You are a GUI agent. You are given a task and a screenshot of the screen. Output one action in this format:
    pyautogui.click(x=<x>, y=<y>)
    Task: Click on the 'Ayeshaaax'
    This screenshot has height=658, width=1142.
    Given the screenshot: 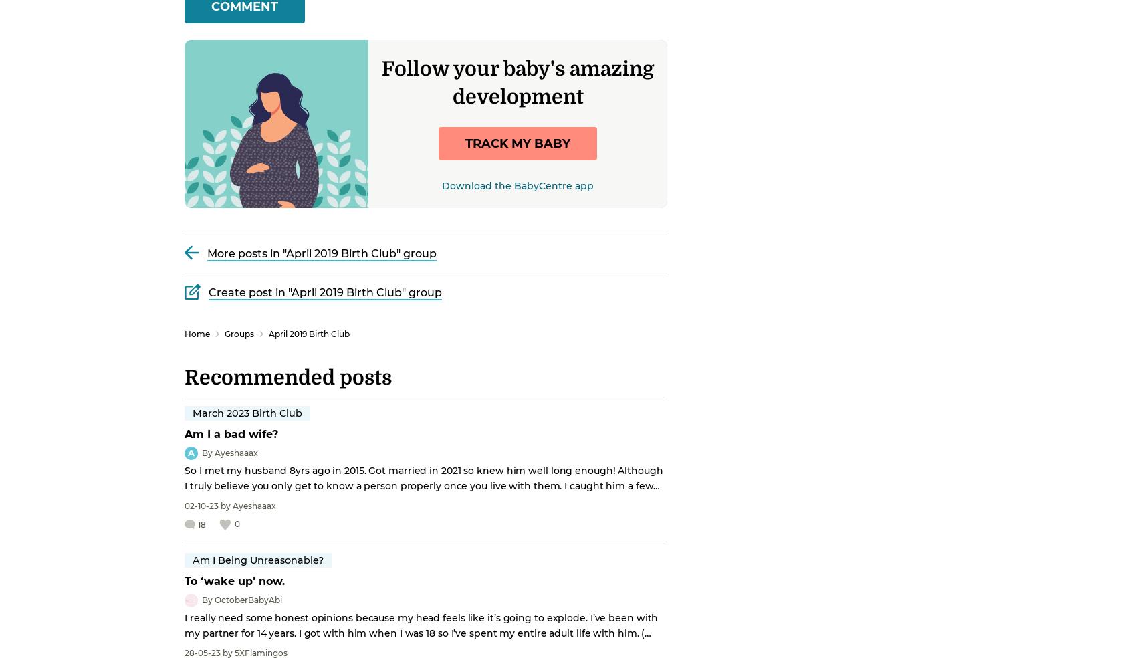 What is the action you would take?
    pyautogui.click(x=214, y=452)
    